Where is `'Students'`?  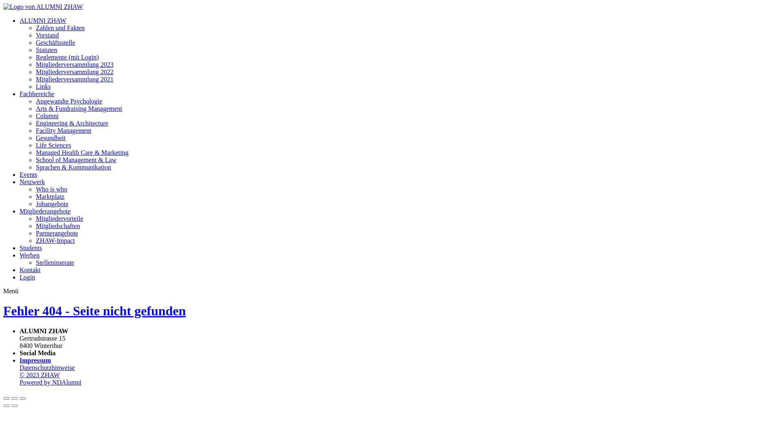
'Students' is located at coordinates (31, 247).